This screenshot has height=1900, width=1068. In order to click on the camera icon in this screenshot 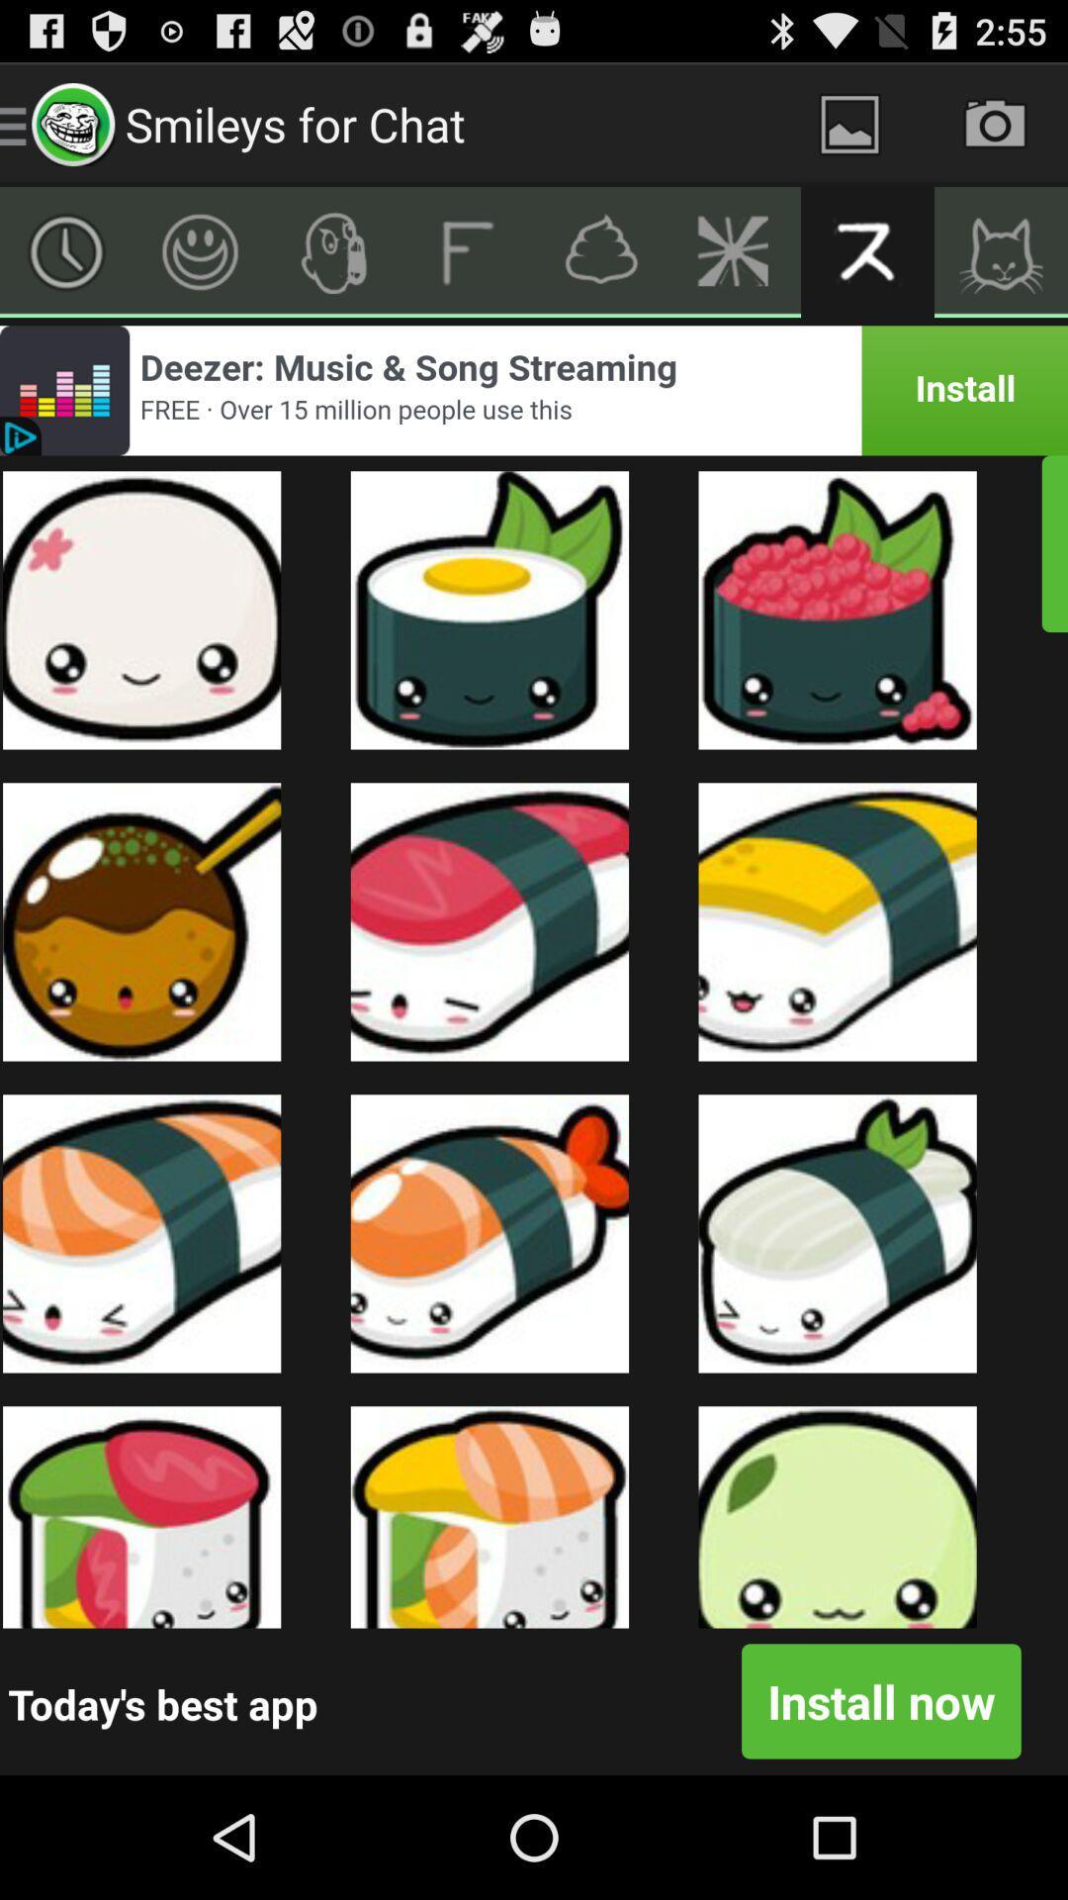, I will do `click(995, 123)`.